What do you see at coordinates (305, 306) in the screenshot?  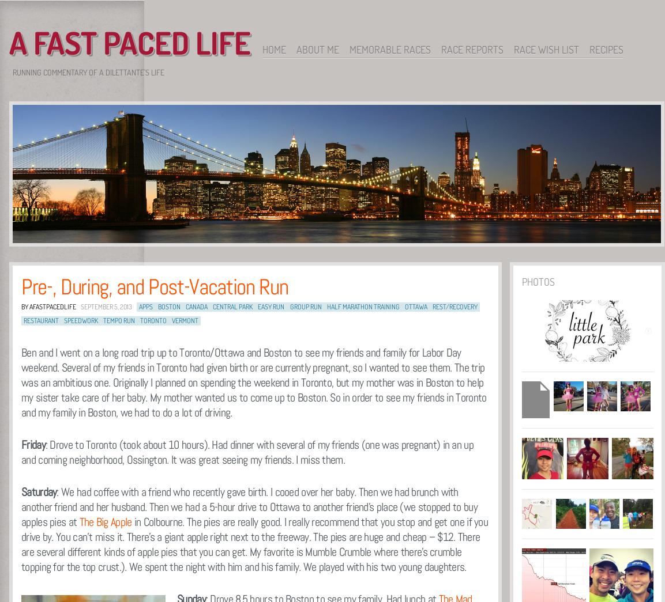 I see `'group run'` at bounding box center [305, 306].